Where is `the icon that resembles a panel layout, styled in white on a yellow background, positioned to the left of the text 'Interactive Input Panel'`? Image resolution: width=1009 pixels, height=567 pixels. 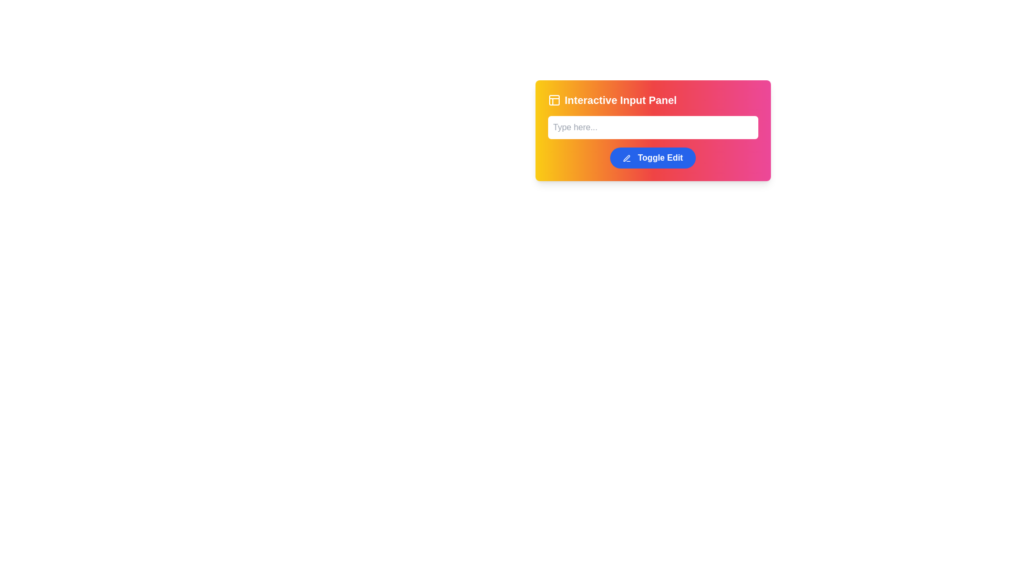 the icon that resembles a panel layout, styled in white on a yellow background, positioned to the left of the text 'Interactive Input Panel' is located at coordinates (553, 100).